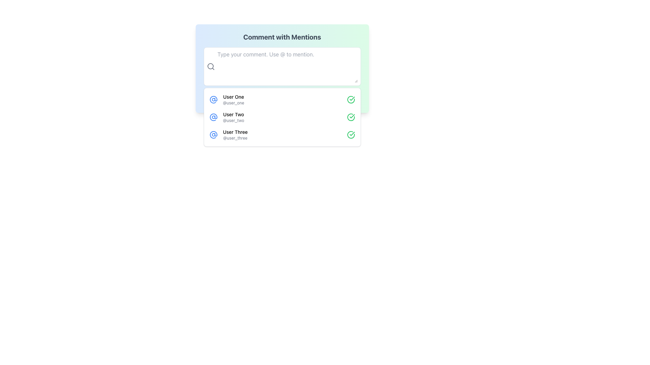 The width and height of the screenshot is (650, 365). Describe the element at coordinates (235, 138) in the screenshot. I see `the text label displaying '@user_three', which is styled with a smaller font size and gray color, part of a user list under the user name 'User Three'` at that location.